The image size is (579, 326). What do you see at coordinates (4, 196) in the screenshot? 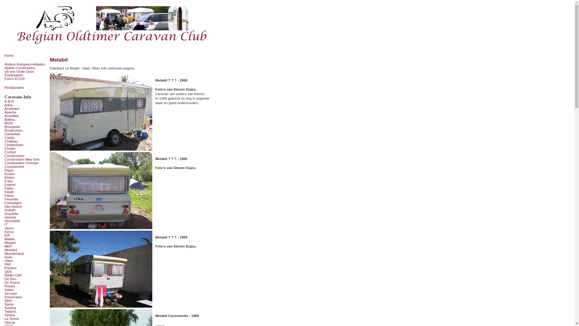
I see `'Fisher'` at bounding box center [4, 196].